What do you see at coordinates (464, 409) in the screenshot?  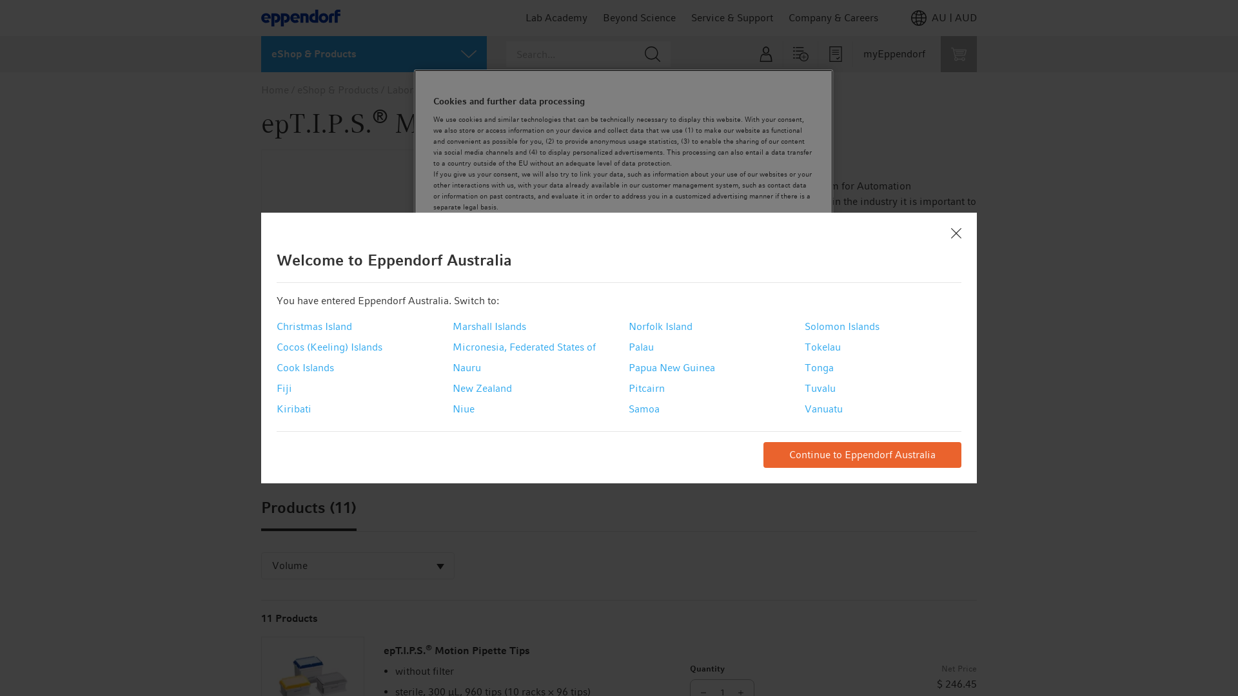 I see `'Niue'` at bounding box center [464, 409].